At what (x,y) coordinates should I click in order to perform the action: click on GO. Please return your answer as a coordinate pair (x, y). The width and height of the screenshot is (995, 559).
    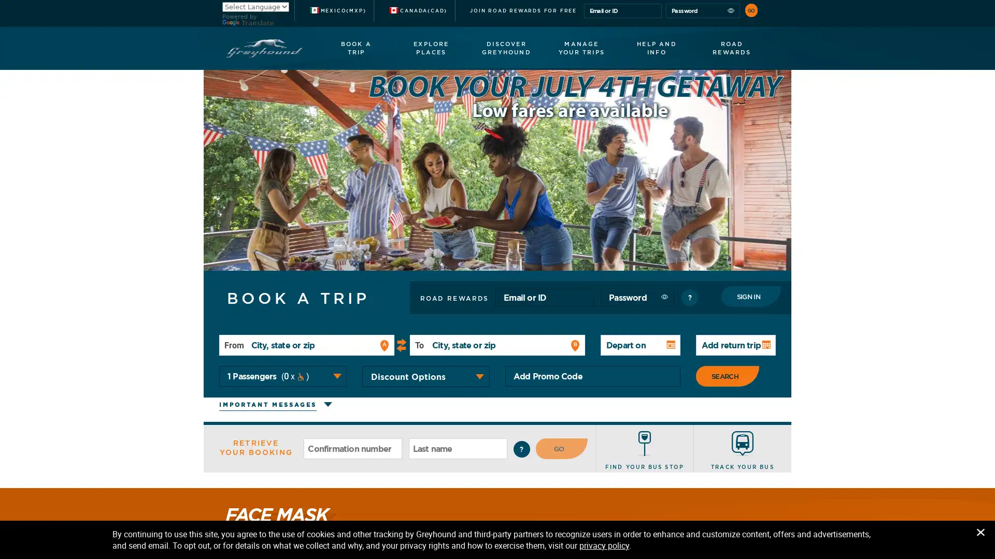
    Looking at the image, I should click on (751, 10).